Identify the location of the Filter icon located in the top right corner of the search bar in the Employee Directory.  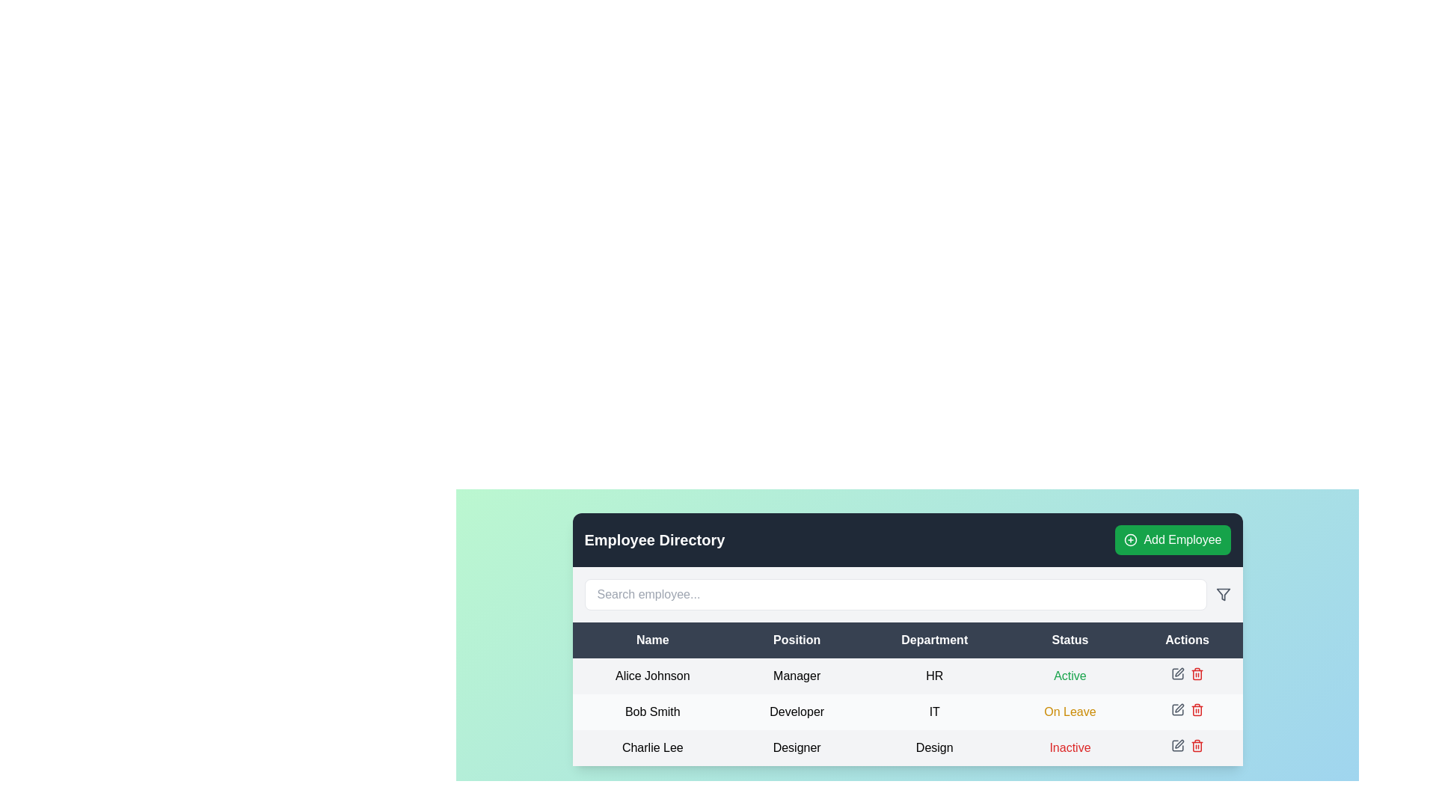
(1223, 593).